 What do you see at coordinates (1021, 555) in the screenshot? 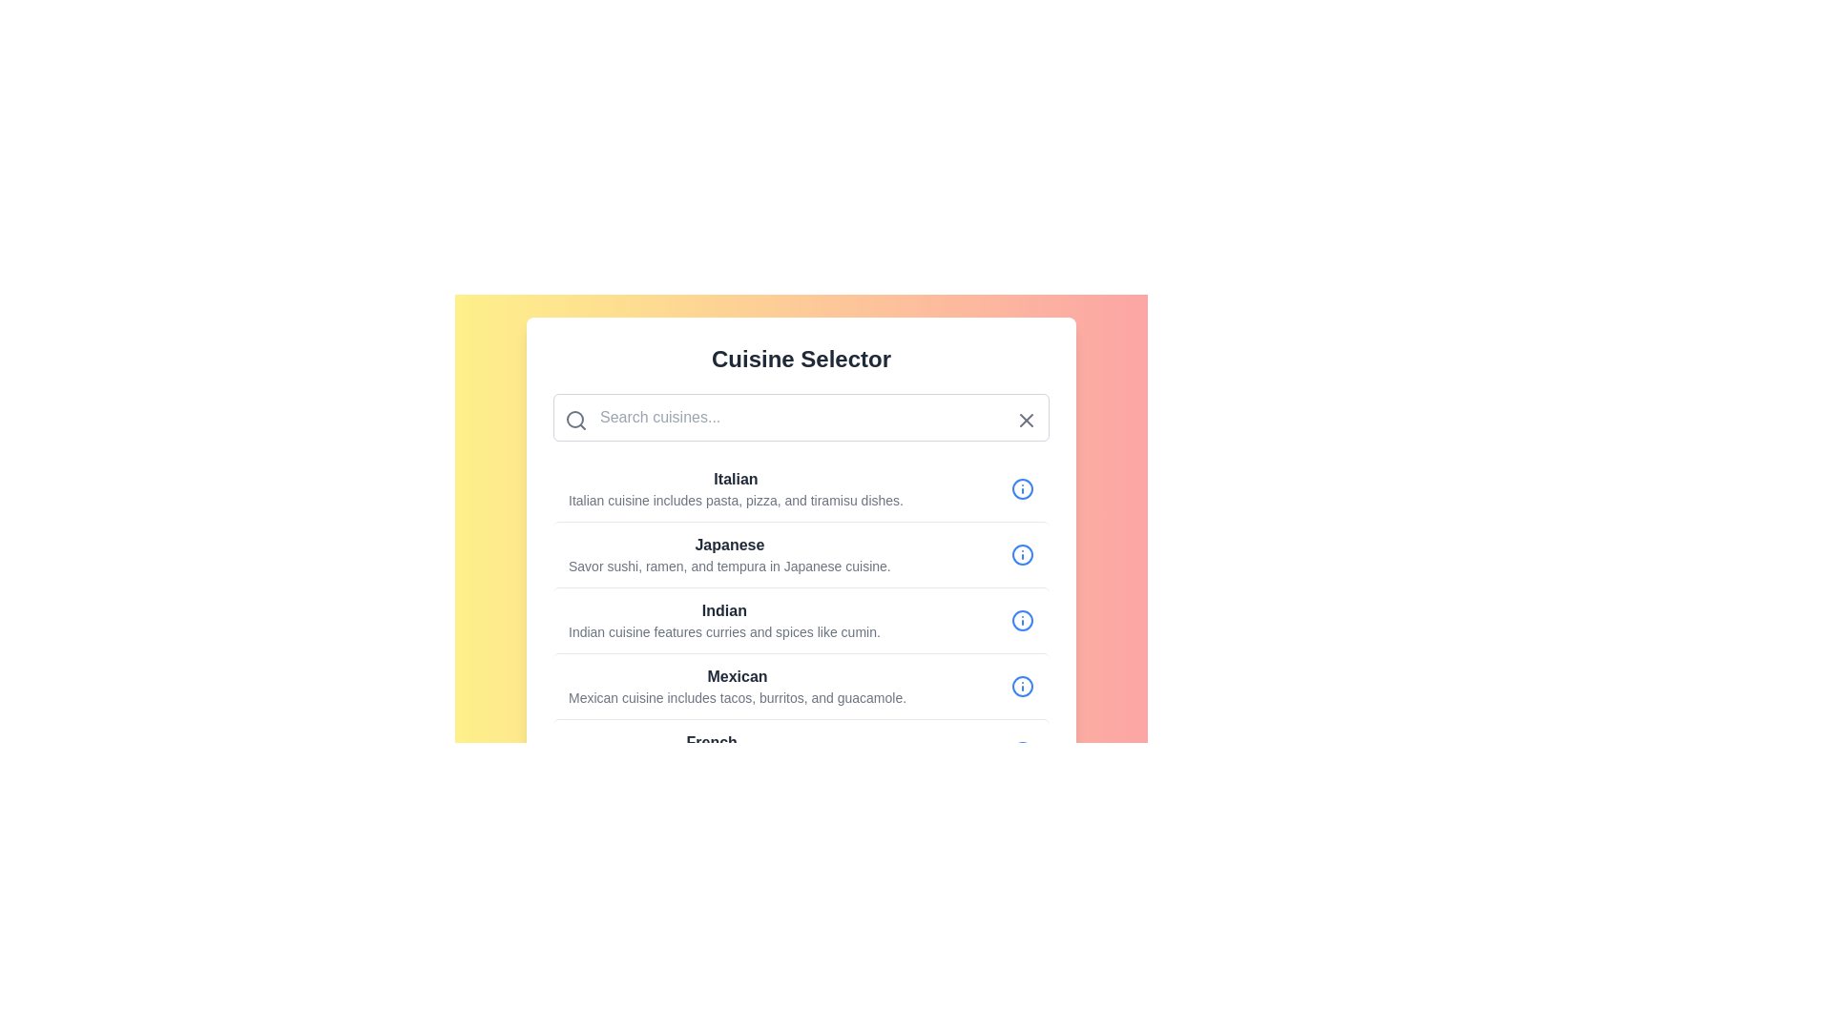
I see `the information icon button located at the far right end of the 'Japanese' cuisine item` at bounding box center [1021, 555].